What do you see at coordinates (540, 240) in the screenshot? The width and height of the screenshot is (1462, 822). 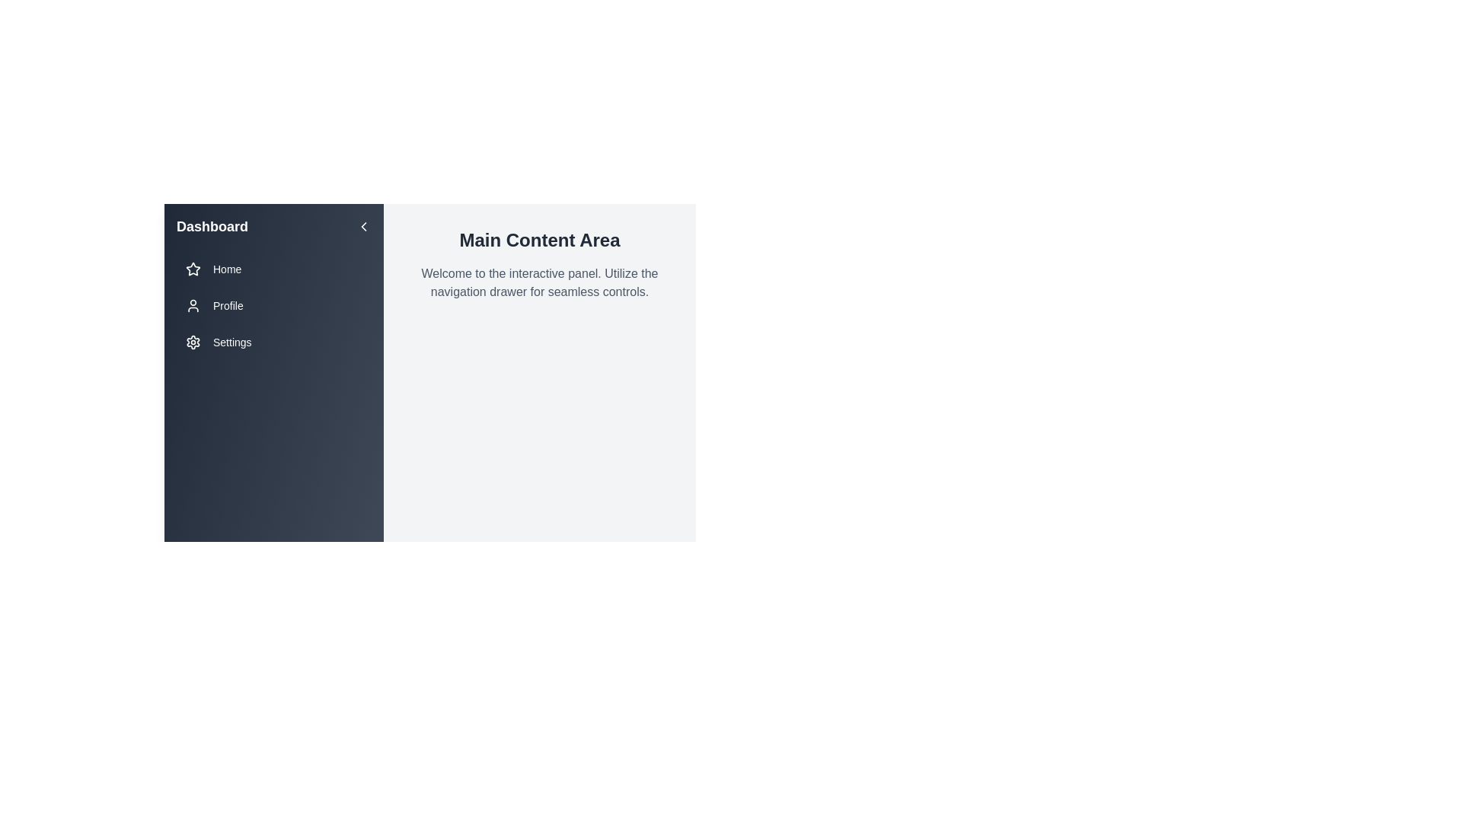 I see `the text label that serves as a title or header for the main content area, positioned at the top central part of the interface` at bounding box center [540, 240].